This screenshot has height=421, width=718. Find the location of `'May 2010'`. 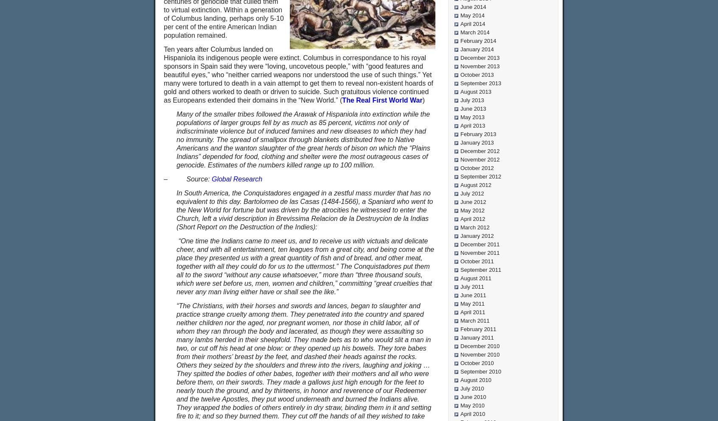

'May 2010' is located at coordinates (472, 405).